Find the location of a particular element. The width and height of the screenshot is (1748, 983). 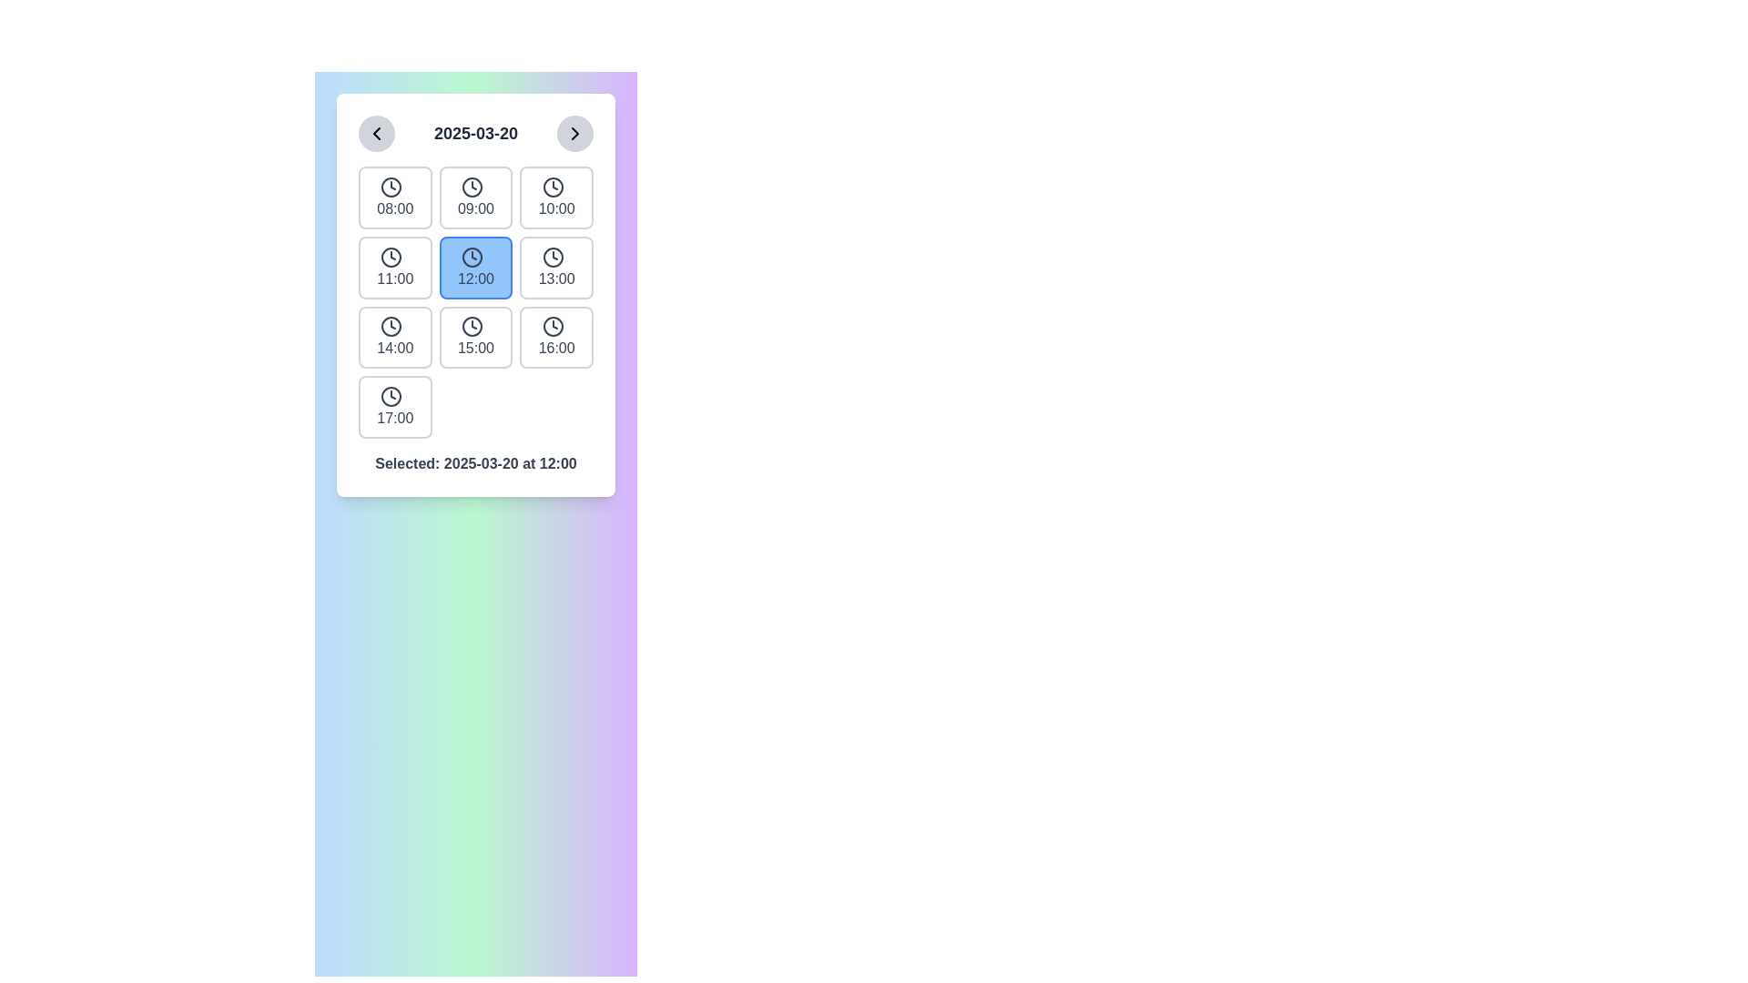

the circular shape representing the clock's outline within the fifth button labeled '15:00' in the time selection grid is located at coordinates (472, 326).